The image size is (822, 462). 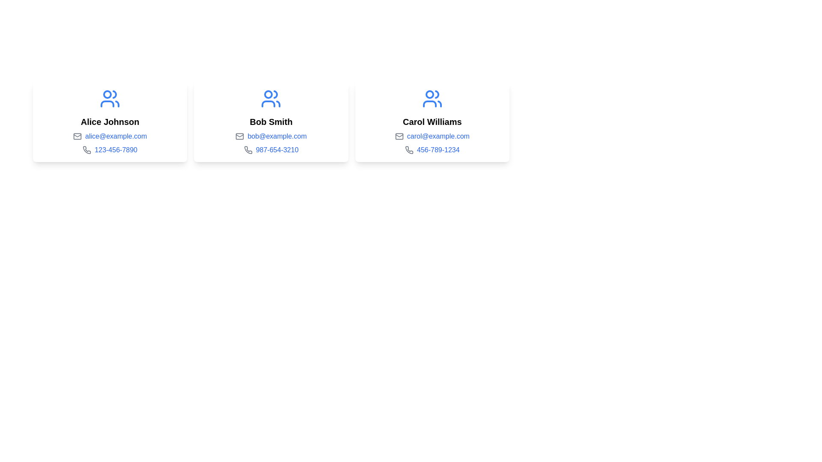 What do you see at coordinates (399, 136) in the screenshot?
I see `the mail icon styled as an outline of an envelope, located to the left of the email address 'carol@example.com'` at bounding box center [399, 136].